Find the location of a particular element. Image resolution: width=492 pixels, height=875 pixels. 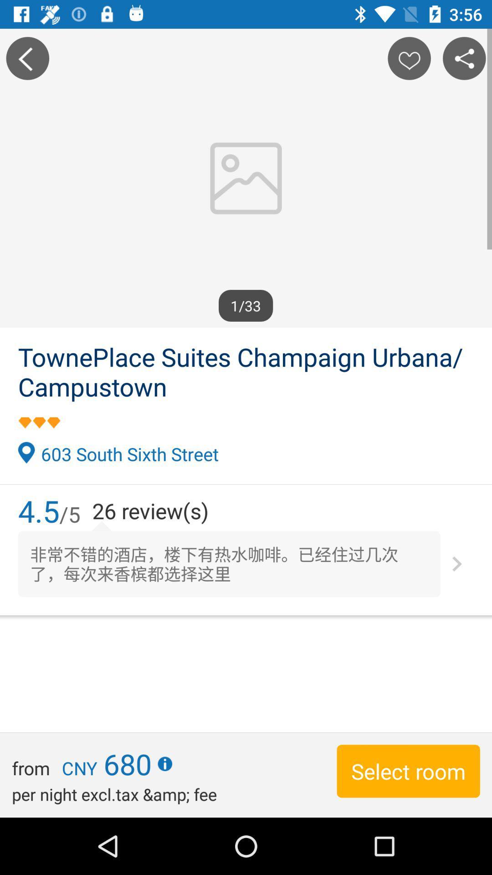

the item above towneplace suites champaign item is located at coordinates (27, 58).